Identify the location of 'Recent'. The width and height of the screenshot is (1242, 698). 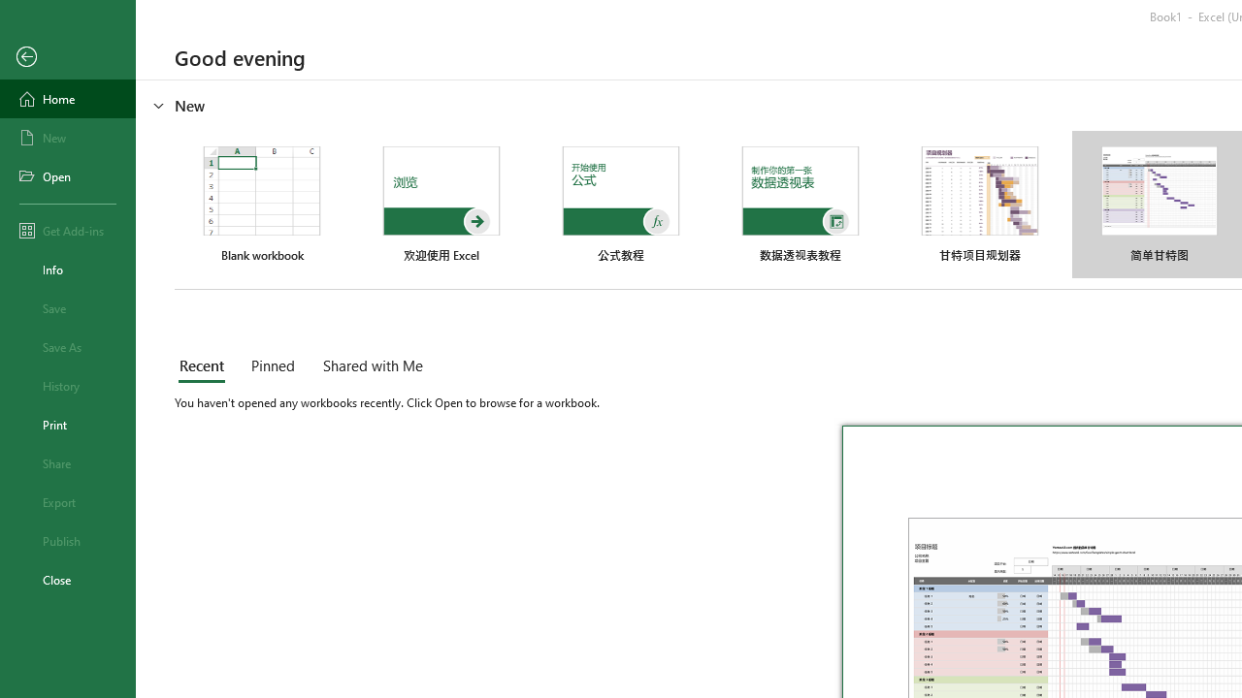
(206, 367).